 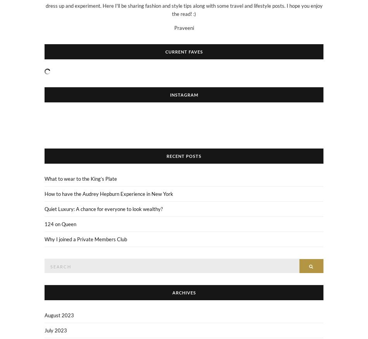 I want to click on 'July 2023', so click(x=56, y=330).